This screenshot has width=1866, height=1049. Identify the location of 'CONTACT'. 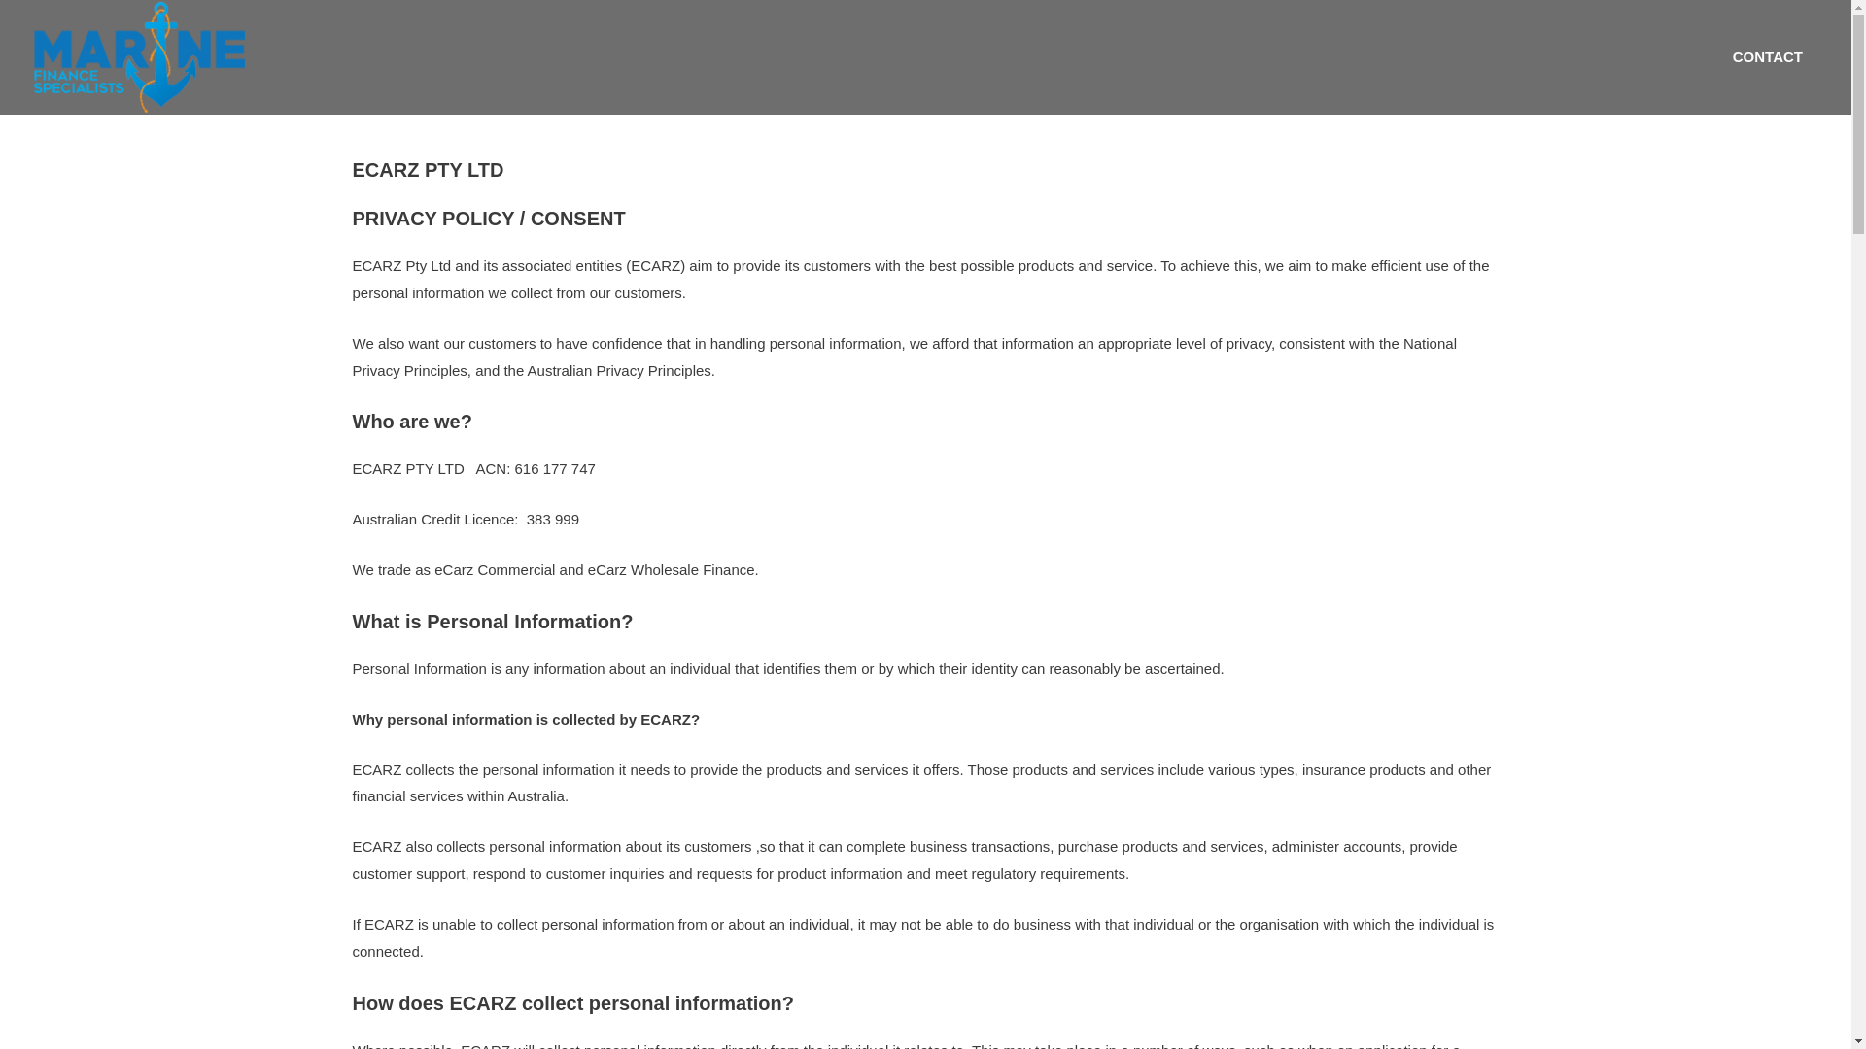
(1717, 55).